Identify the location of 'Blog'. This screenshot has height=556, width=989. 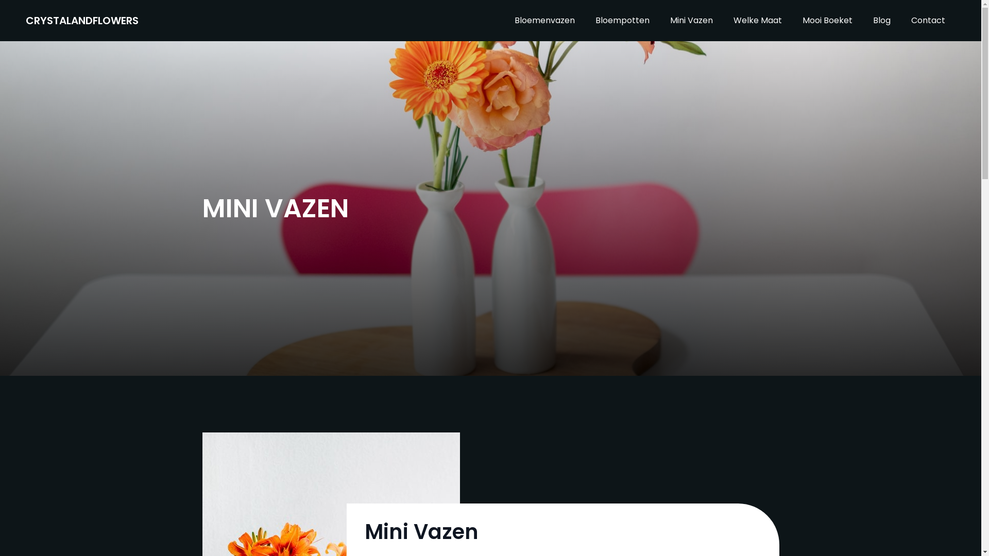
(881, 20).